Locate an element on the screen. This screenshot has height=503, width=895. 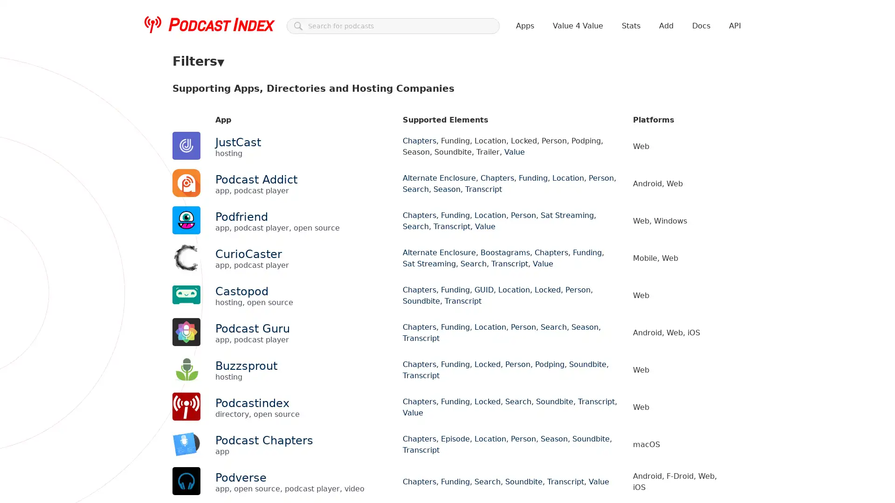
Sailfish OS is located at coordinates (646, 191).